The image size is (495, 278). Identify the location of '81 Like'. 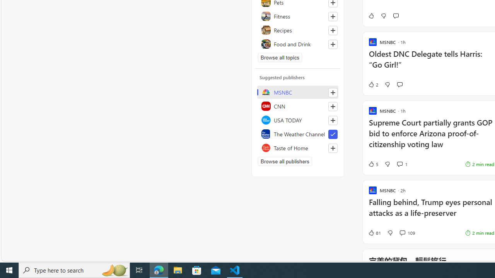
(374, 232).